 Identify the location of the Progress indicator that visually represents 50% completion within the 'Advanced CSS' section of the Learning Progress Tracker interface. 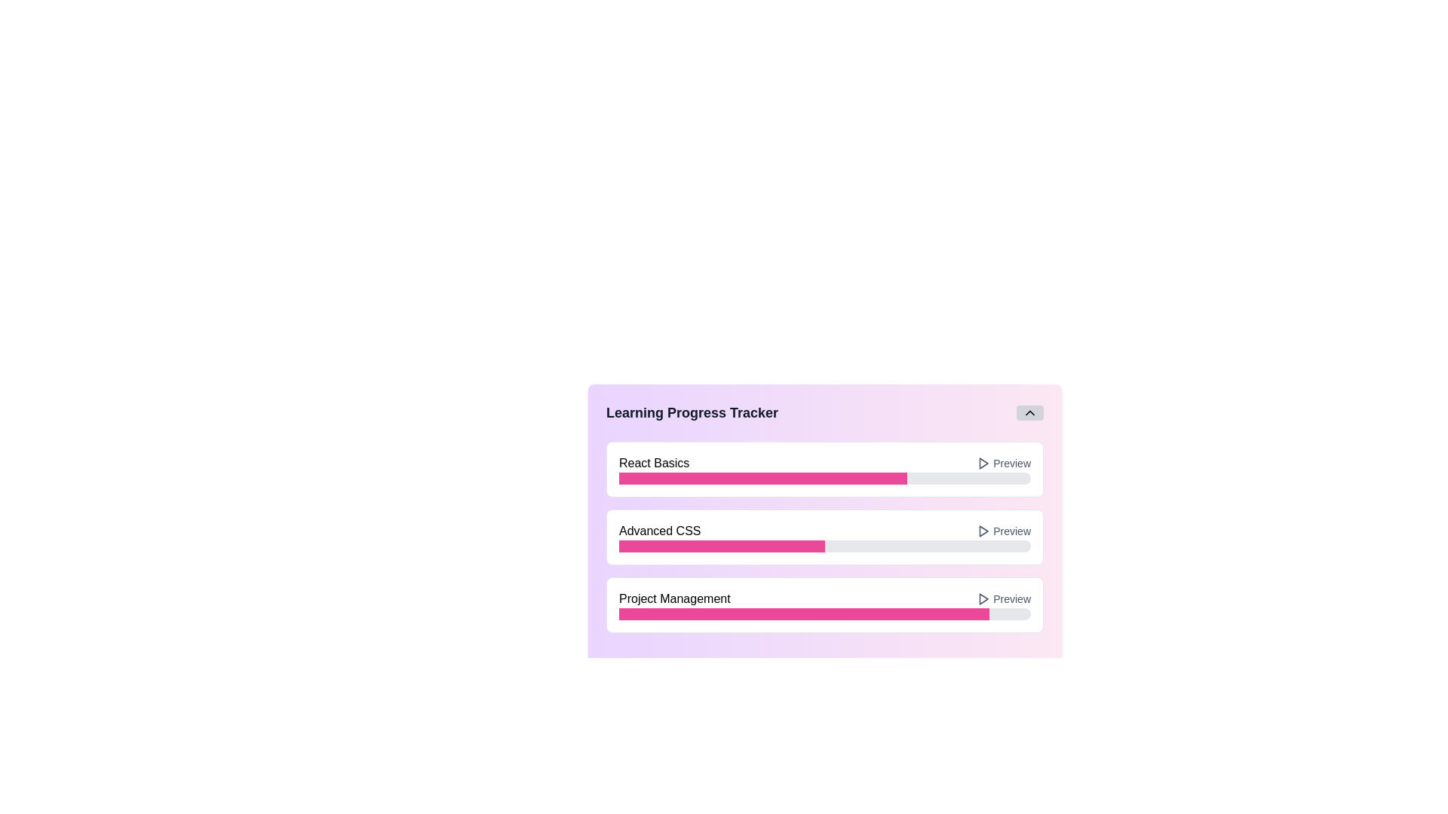
(721, 546).